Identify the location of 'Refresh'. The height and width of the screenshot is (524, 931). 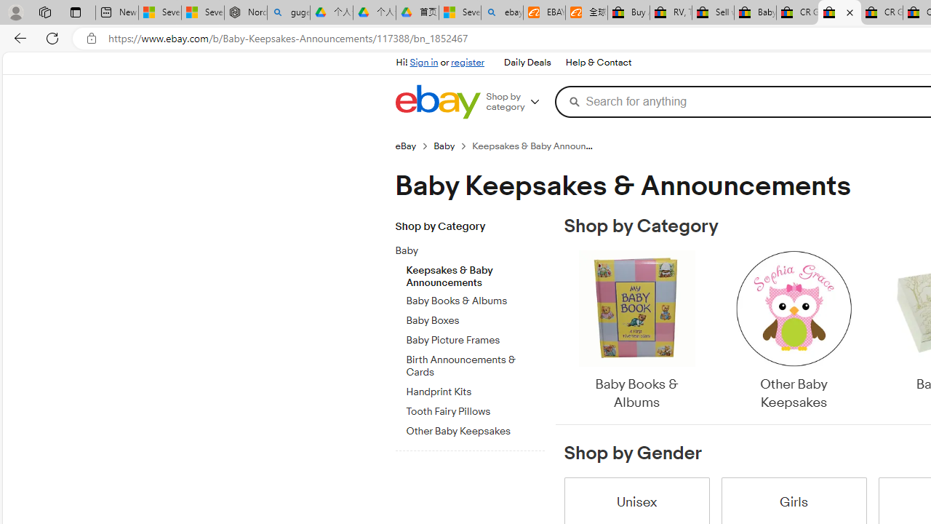
(52, 37).